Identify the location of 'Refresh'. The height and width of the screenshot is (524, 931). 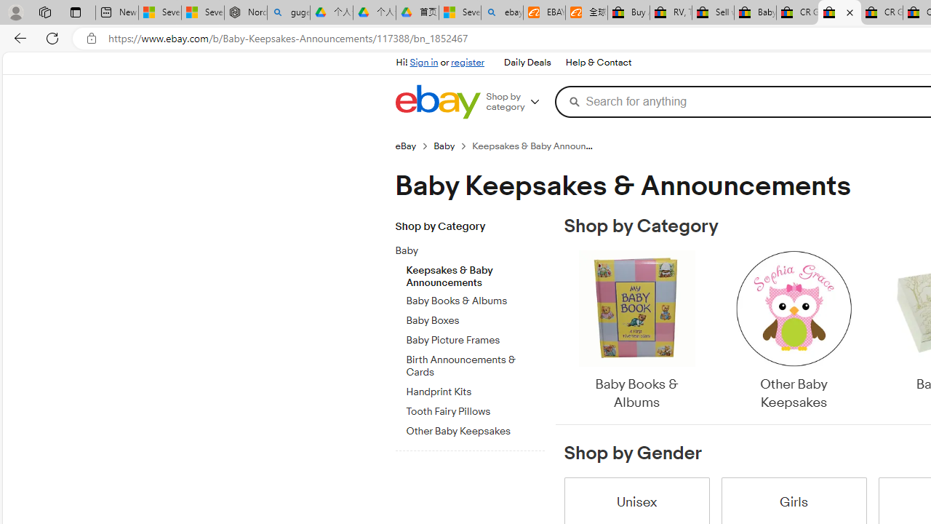
(52, 37).